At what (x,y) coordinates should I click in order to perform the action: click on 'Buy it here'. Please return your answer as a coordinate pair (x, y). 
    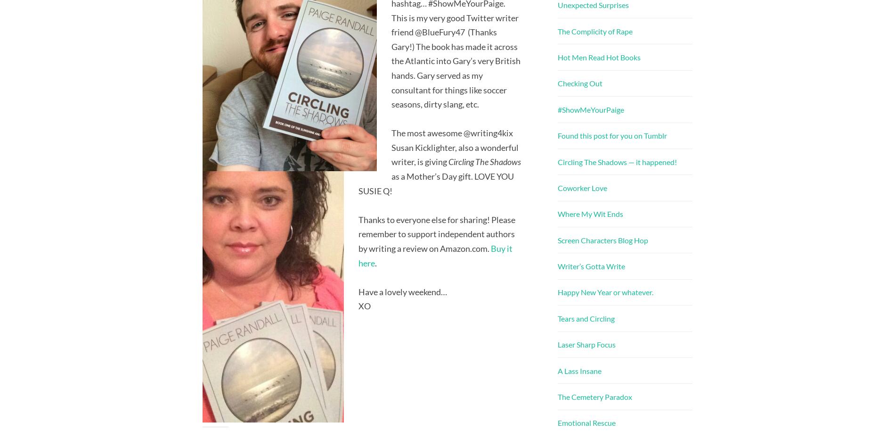
    Looking at the image, I should click on (434, 255).